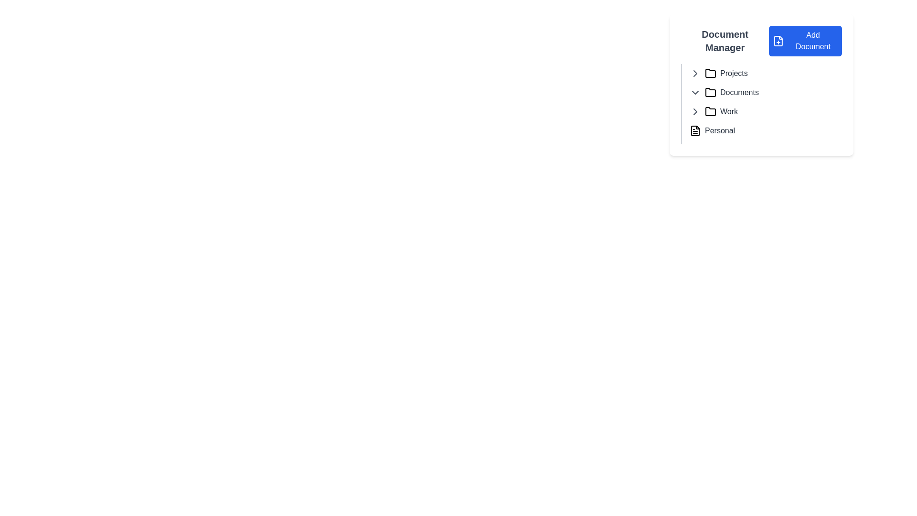 The width and height of the screenshot is (917, 516). I want to click on the folder icon that indicates the 'Projects' section in the Document Manager interface, so click(711, 73).